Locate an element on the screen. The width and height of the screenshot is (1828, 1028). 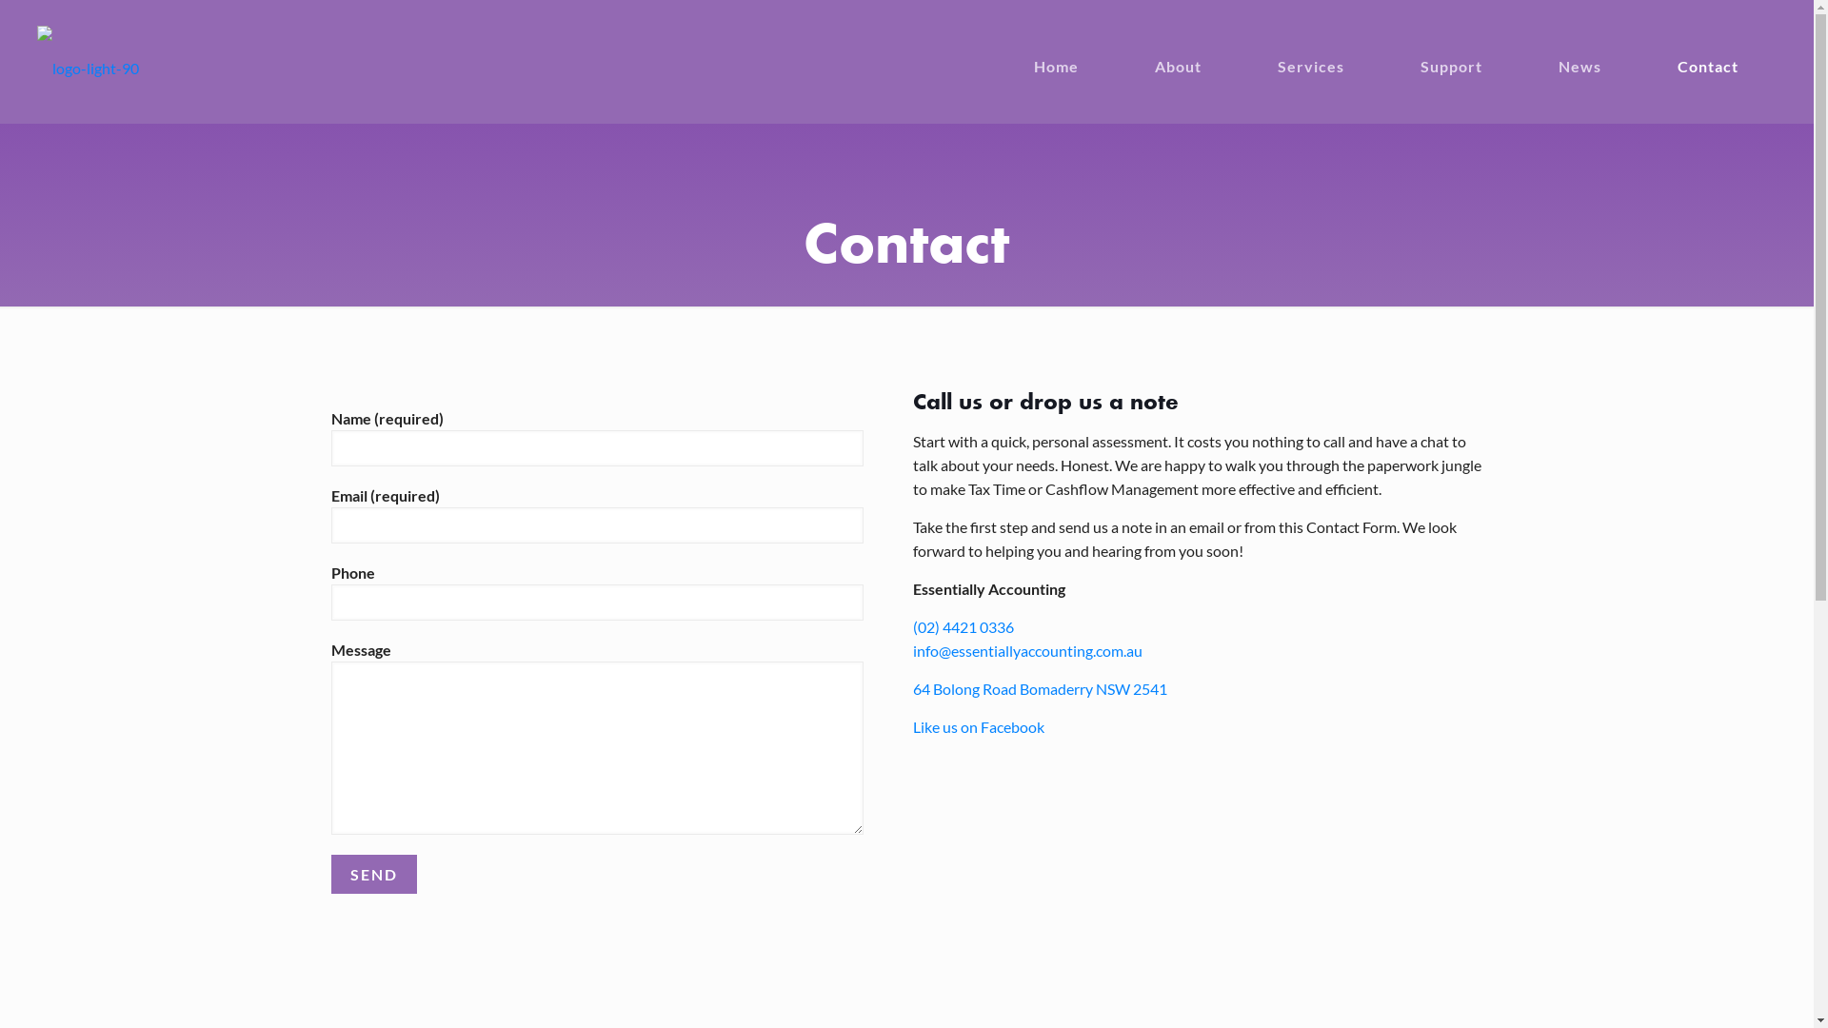
'News' is located at coordinates (1599, 50).